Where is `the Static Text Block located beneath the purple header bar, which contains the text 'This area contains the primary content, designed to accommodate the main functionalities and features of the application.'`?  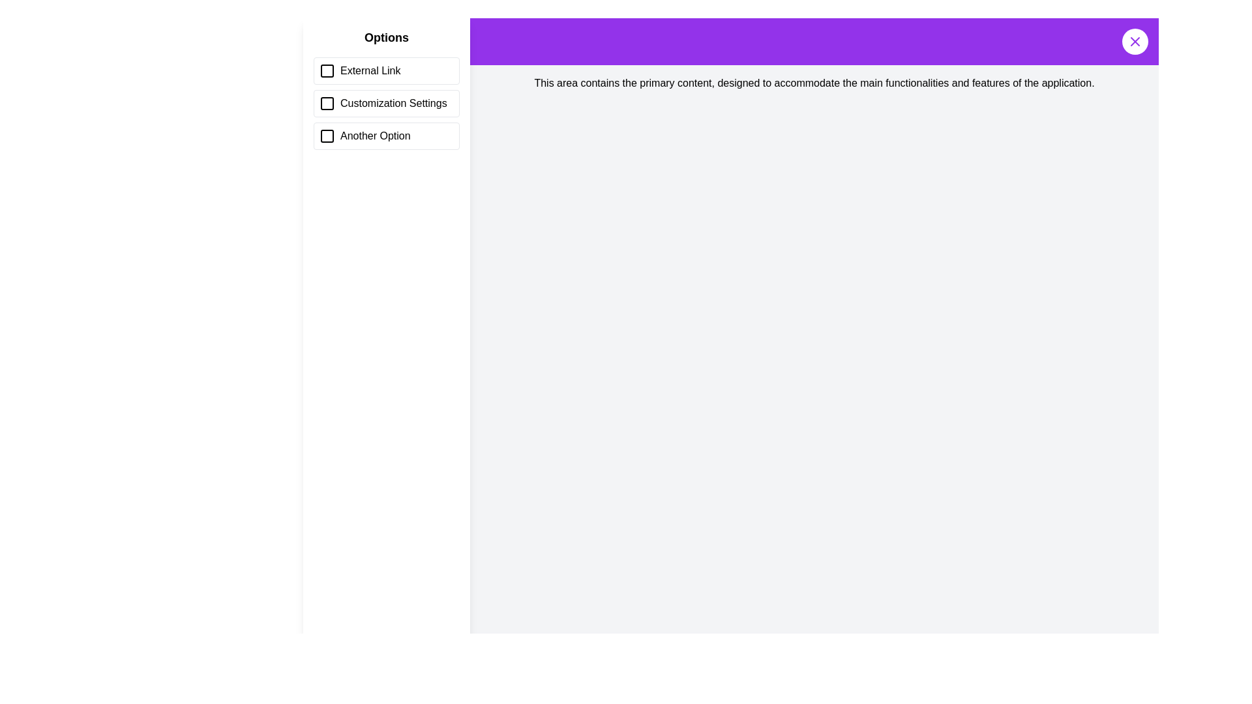 the Static Text Block located beneath the purple header bar, which contains the text 'This area contains the primary content, designed to accommodate the main functionalities and features of the application.' is located at coordinates (813, 83).